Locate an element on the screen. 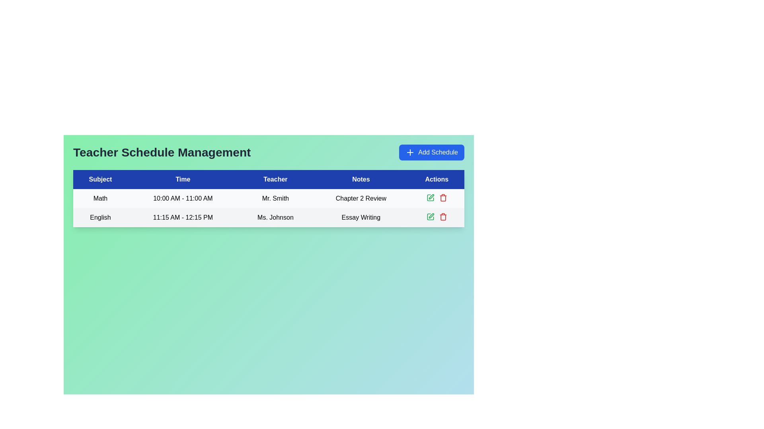 The image size is (764, 429). the Text Label labeled 'Subject' which is styled in bold white text on a blue background, located at the top-left corner of the schedule management table is located at coordinates (100, 179).